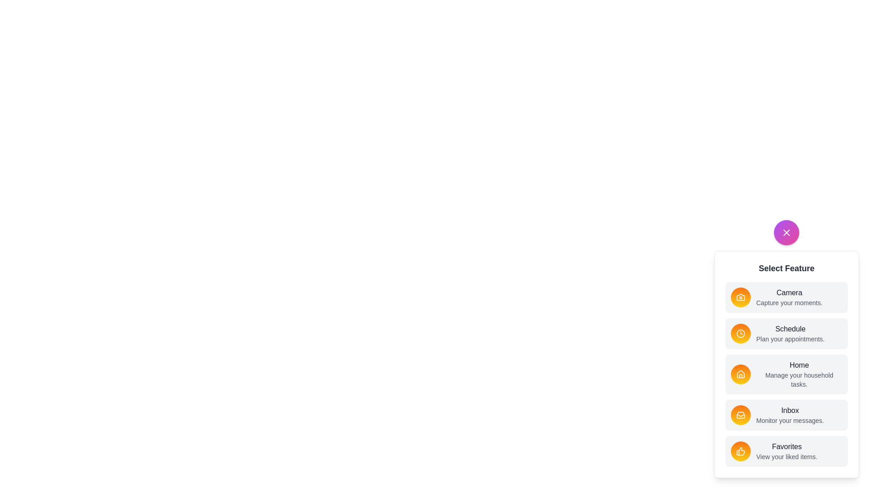 The height and width of the screenshot is (489, 870). What do you see at coordinates (741, 297) in the screenshot?
I see `the feature corresponding to Camera` at bounding box center [741, 297].